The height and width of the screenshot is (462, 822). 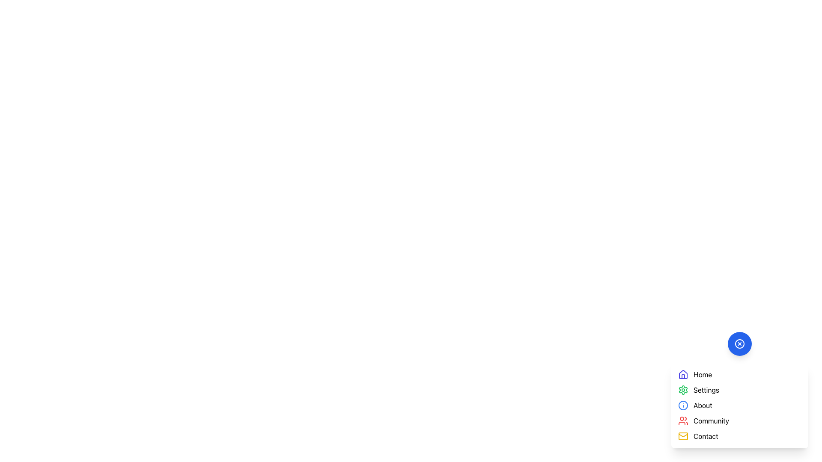 I want to click on the 'Home' menu item's text label, which is located next to the indigo house icon in the top vertical list of menu items, so click(x=703, y=374).